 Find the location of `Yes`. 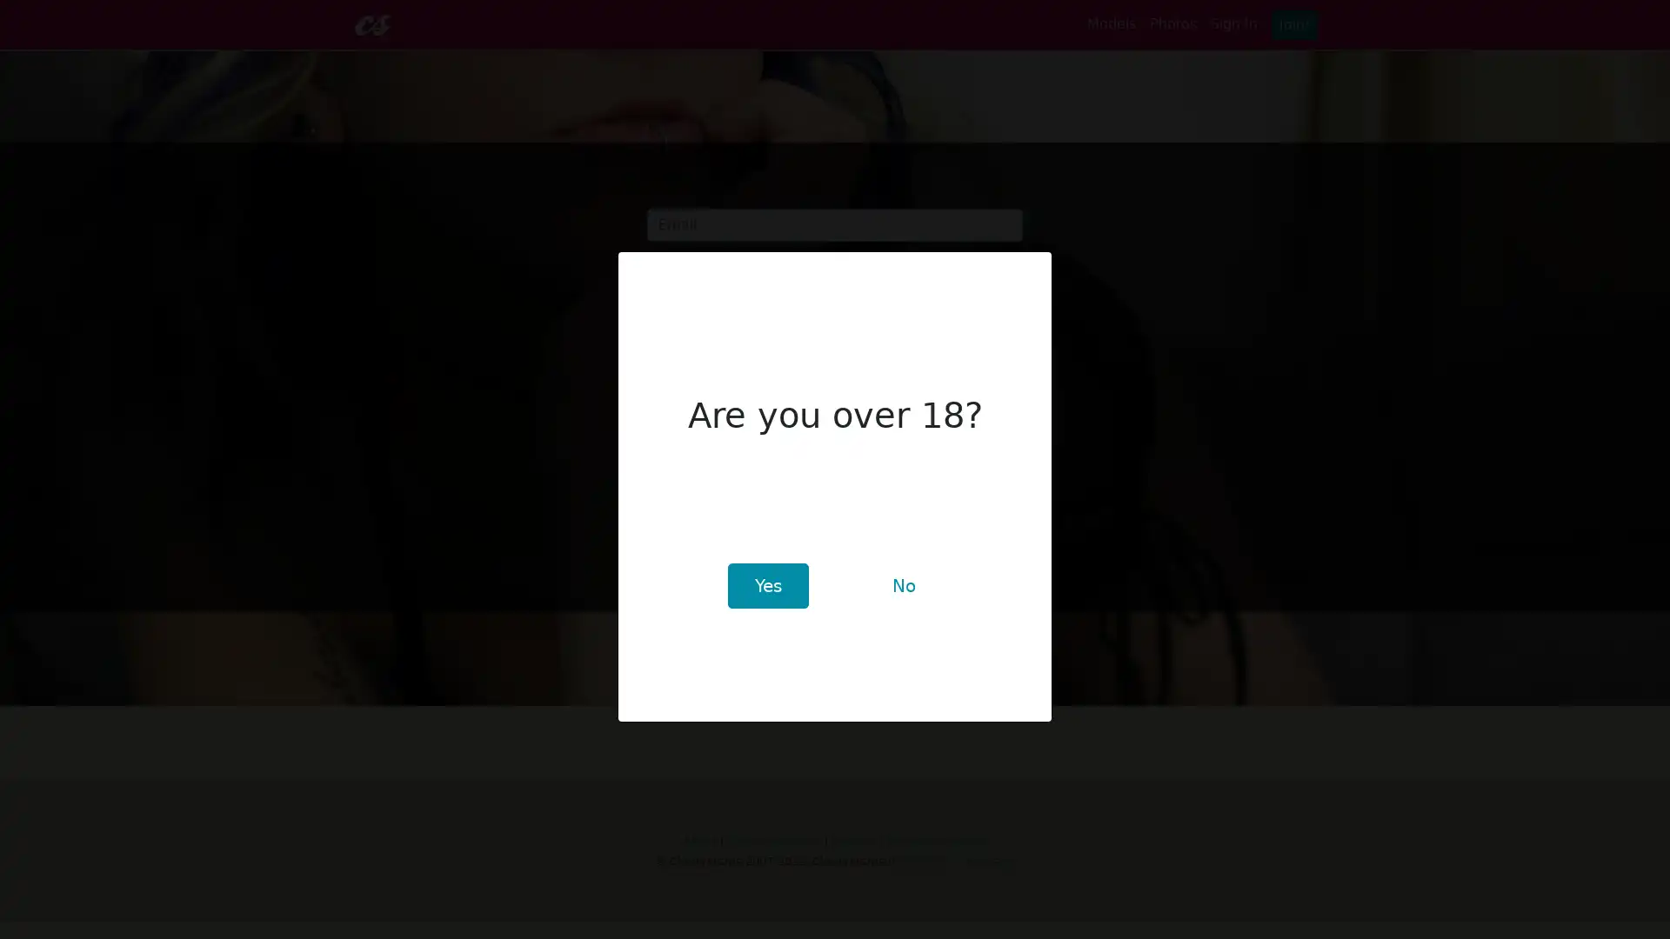

Yes is located at coordinates (766, 586).